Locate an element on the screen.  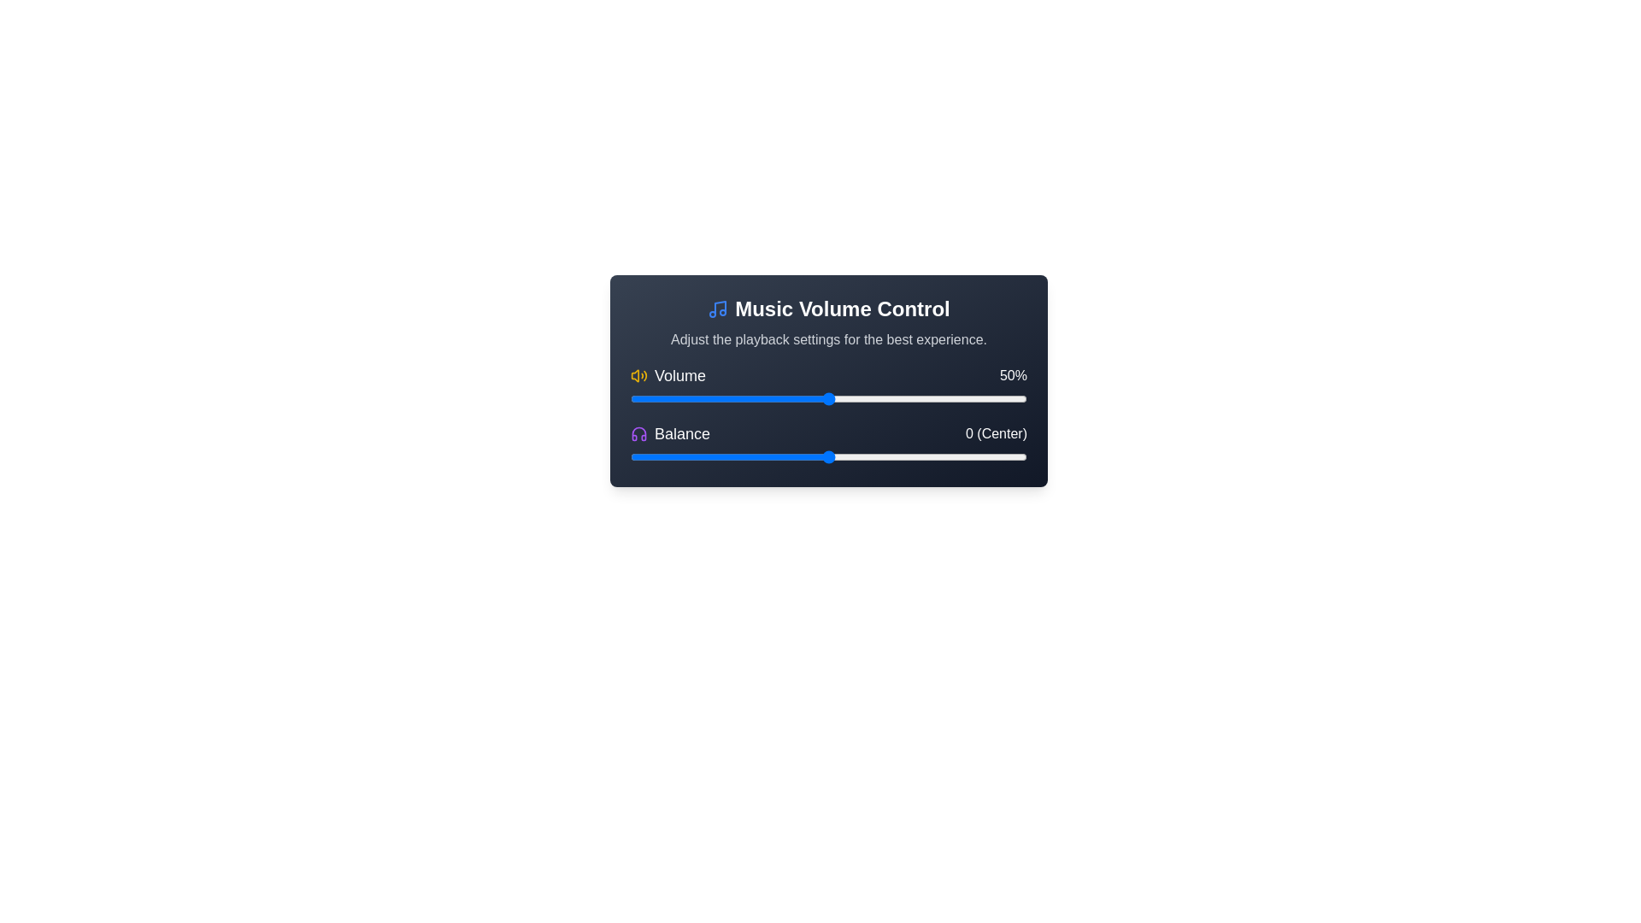
the volume slider to set the volume to 54% is located at coordinates (844, 398).